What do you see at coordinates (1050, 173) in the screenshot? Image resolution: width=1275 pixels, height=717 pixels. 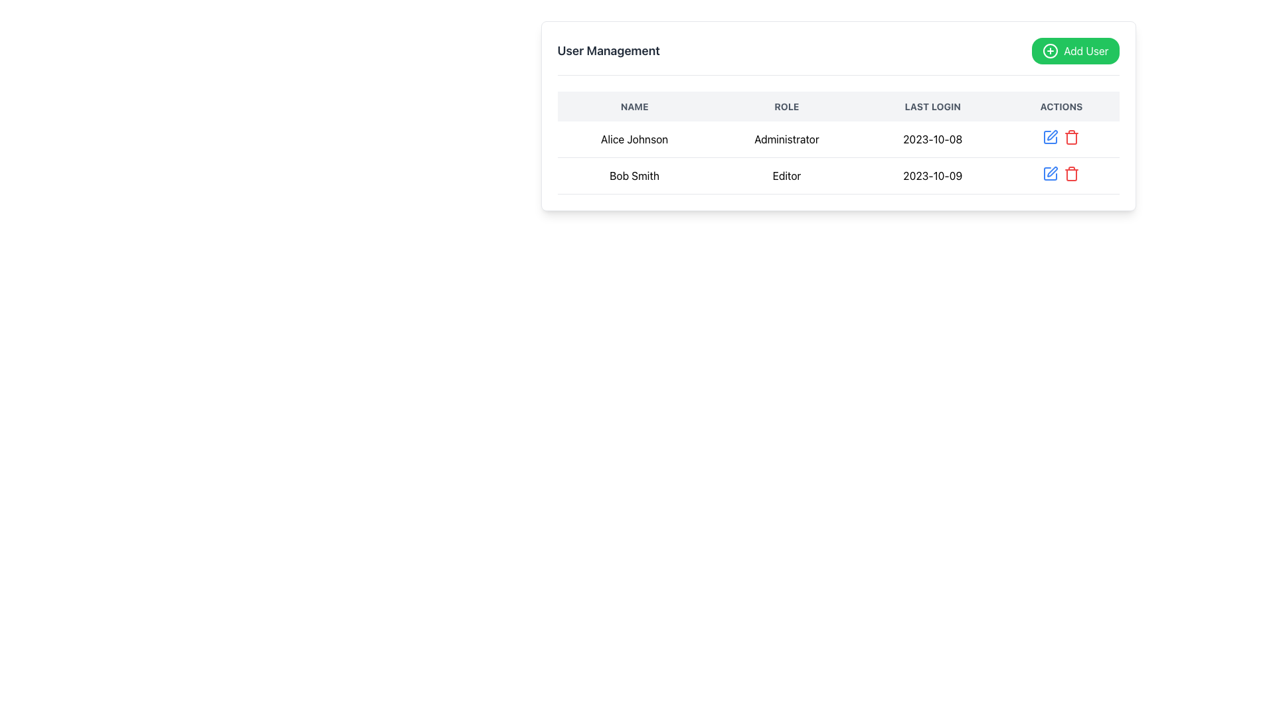 I see `the edit icon represented by a square with one side open in the 'Bob Smith' row under the 'Actions' column to initiate the editing process` at bounding box center [1050, 173].